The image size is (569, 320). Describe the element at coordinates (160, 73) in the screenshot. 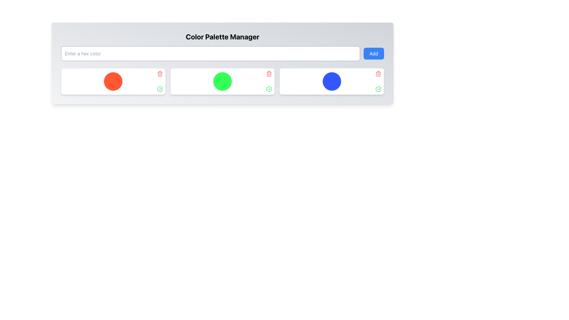

I see `the red trash bin icon located at the top-right corner of the first card in the horizontal list of color palettes` at that location.